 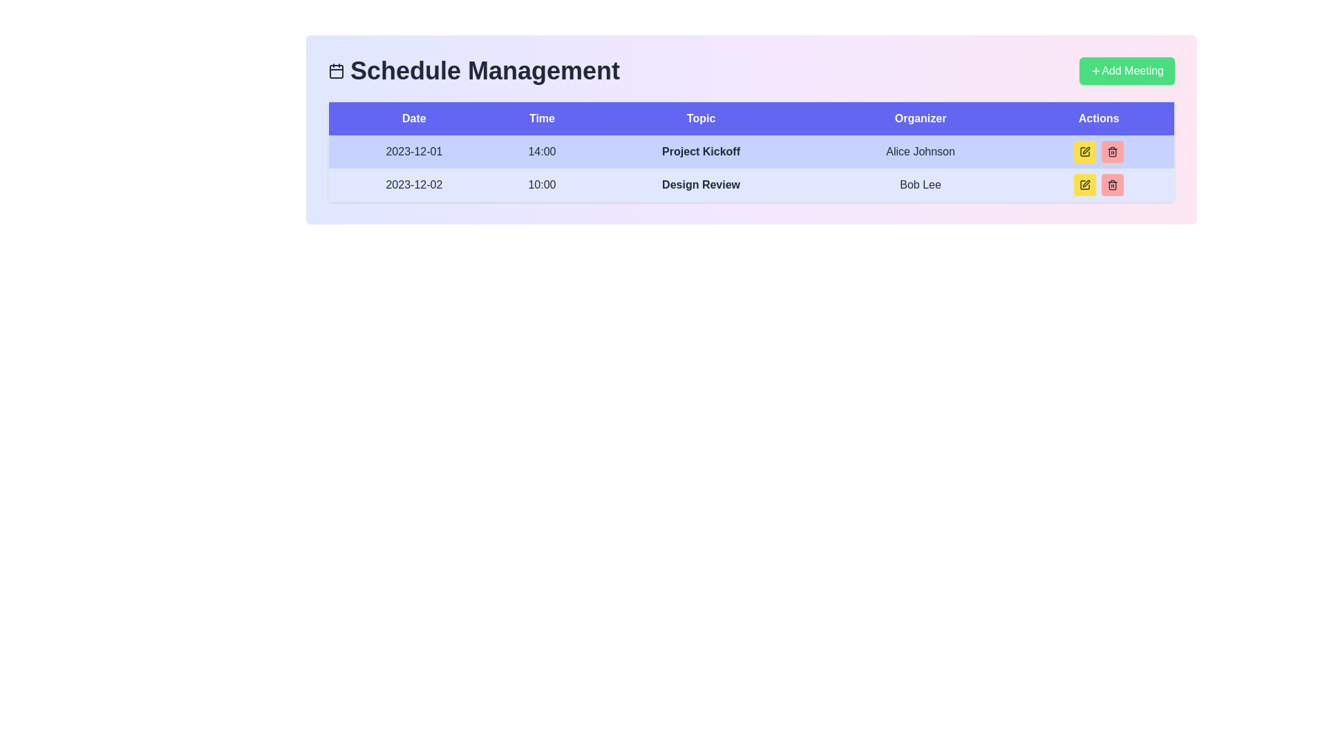 I want to click on the edit icon in the Actions column of the schedule management interface to trigger a tooltip or effect, so click(x=1086, y=183).